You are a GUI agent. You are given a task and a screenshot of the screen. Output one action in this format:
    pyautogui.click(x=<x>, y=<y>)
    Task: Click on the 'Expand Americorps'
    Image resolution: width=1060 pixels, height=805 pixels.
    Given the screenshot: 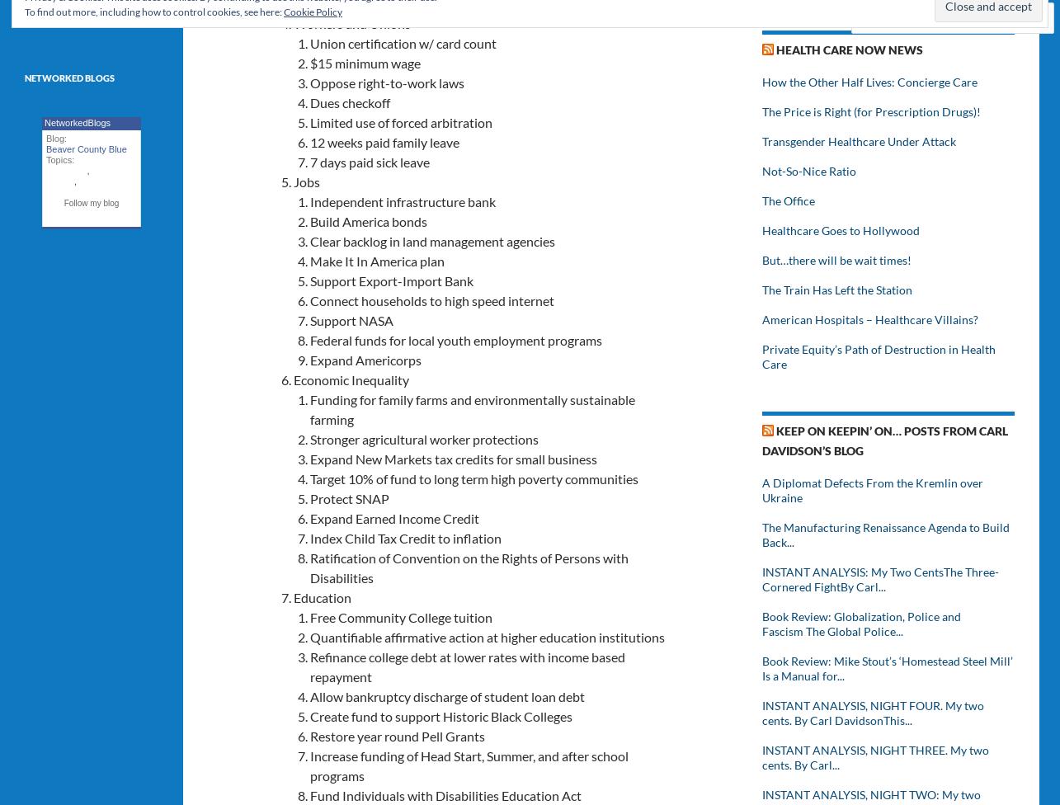 What is the action you would take?
    pyautogui.click(x=365, y=358)
    